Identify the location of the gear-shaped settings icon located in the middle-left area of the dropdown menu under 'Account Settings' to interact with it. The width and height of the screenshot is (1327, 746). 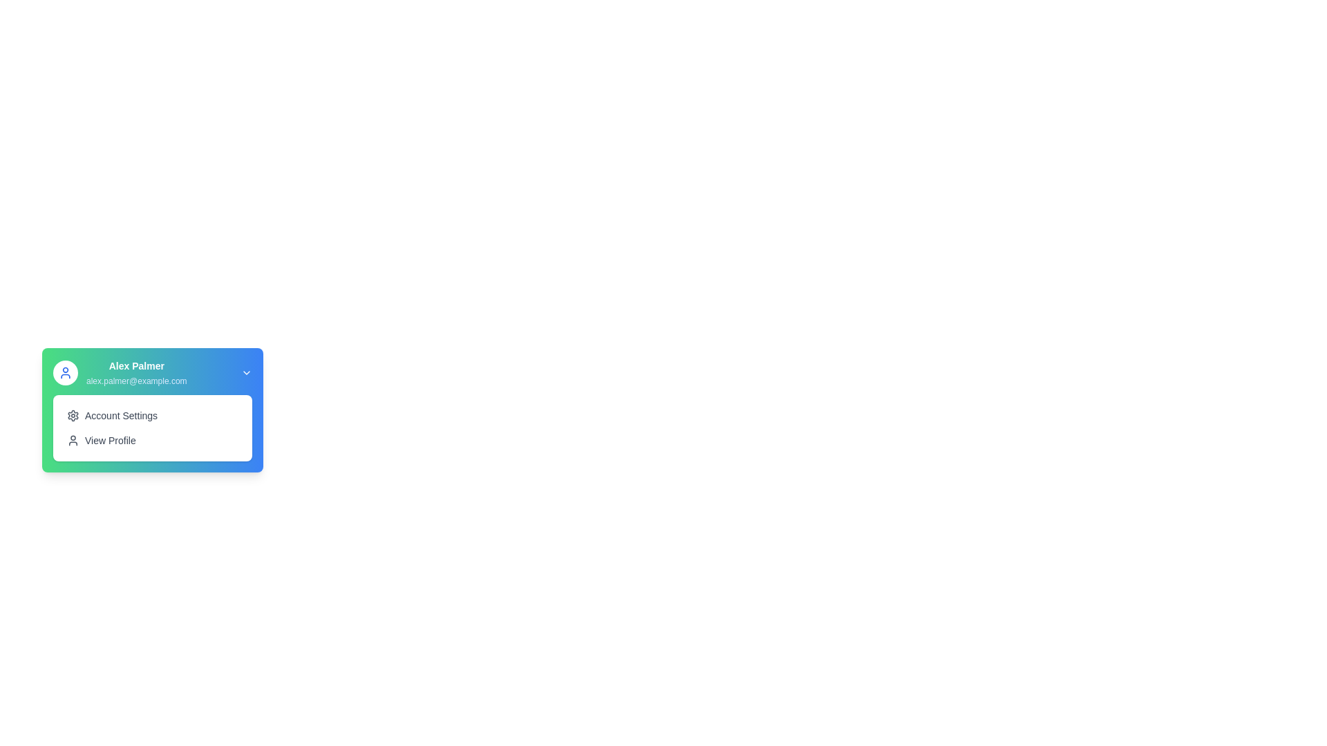
(72, 414).